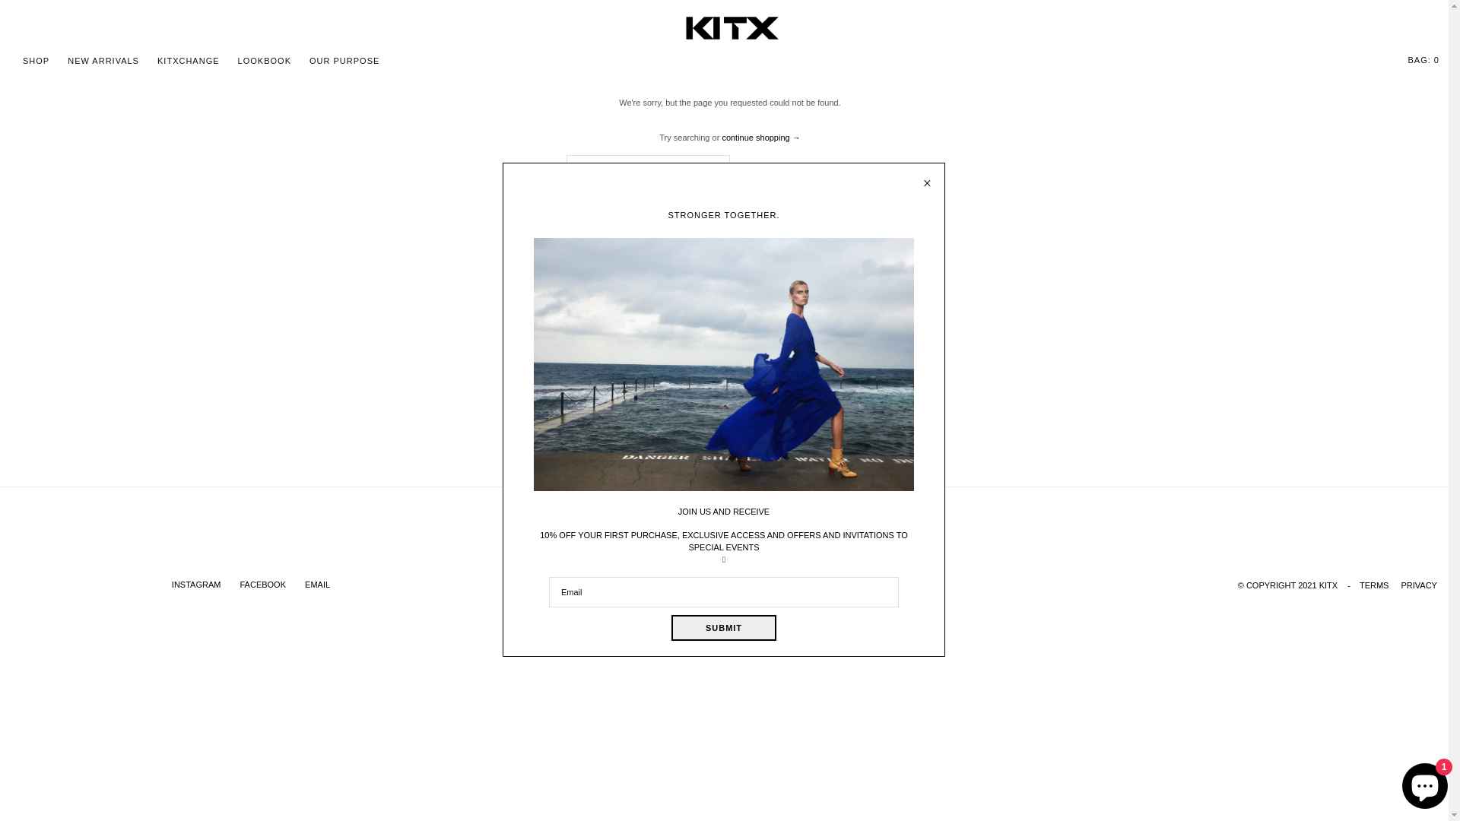 This screenshot has width=1460, height=821. I want to click on 'PRIVACY', so click(1417, 585).